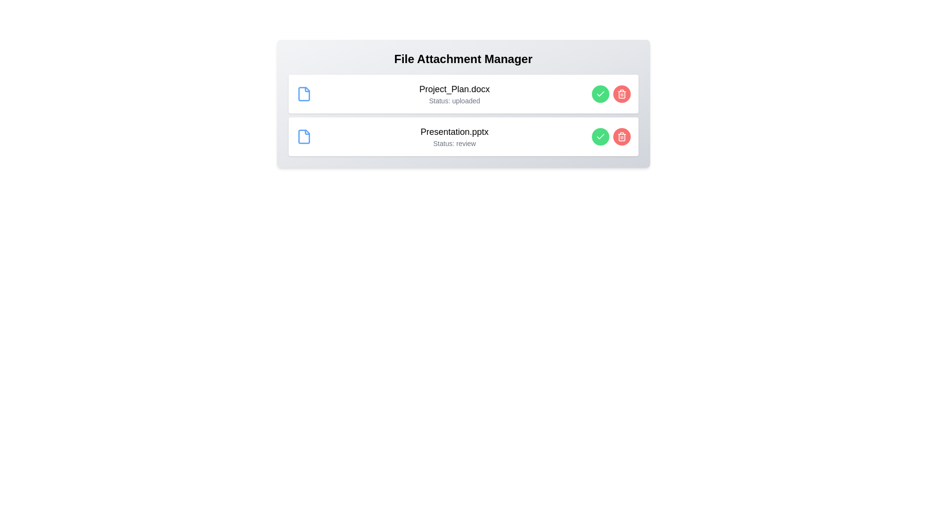  What do you see at coordinates (600, 94) in the screenshot?
I see `the 'Approve' button for the file 'Project_Plan.docx'` at bounding box center [600, 94].